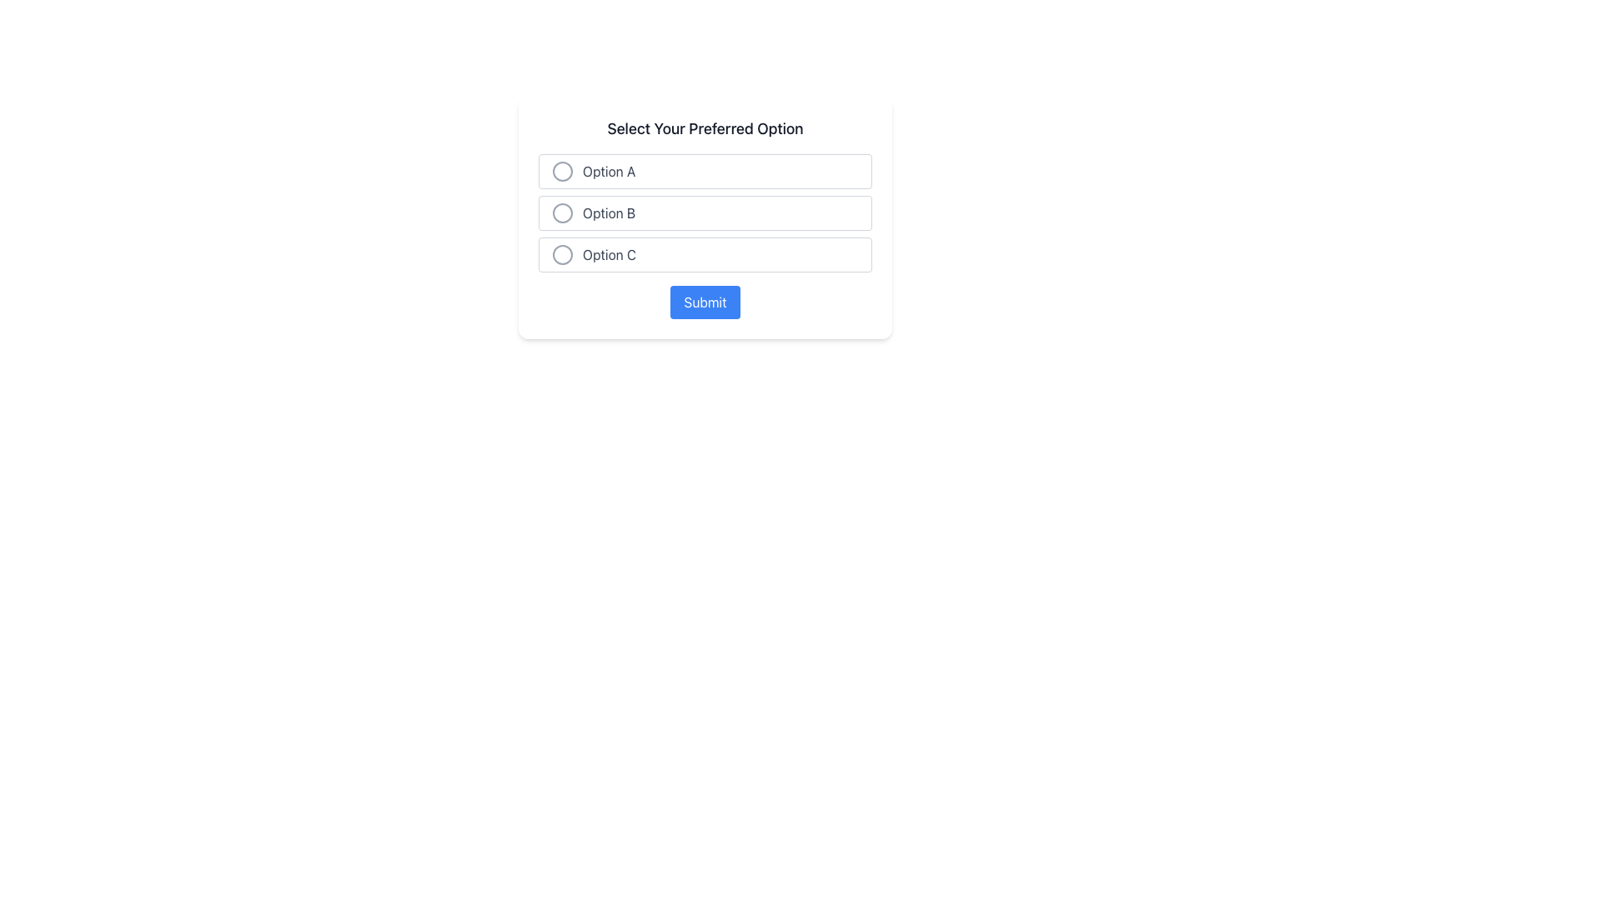 The height and width of the screenshot is (900, 1601). I want to click on the first radio button option labeled 'Option A' by navigating via keyboard, so click(705, 171).